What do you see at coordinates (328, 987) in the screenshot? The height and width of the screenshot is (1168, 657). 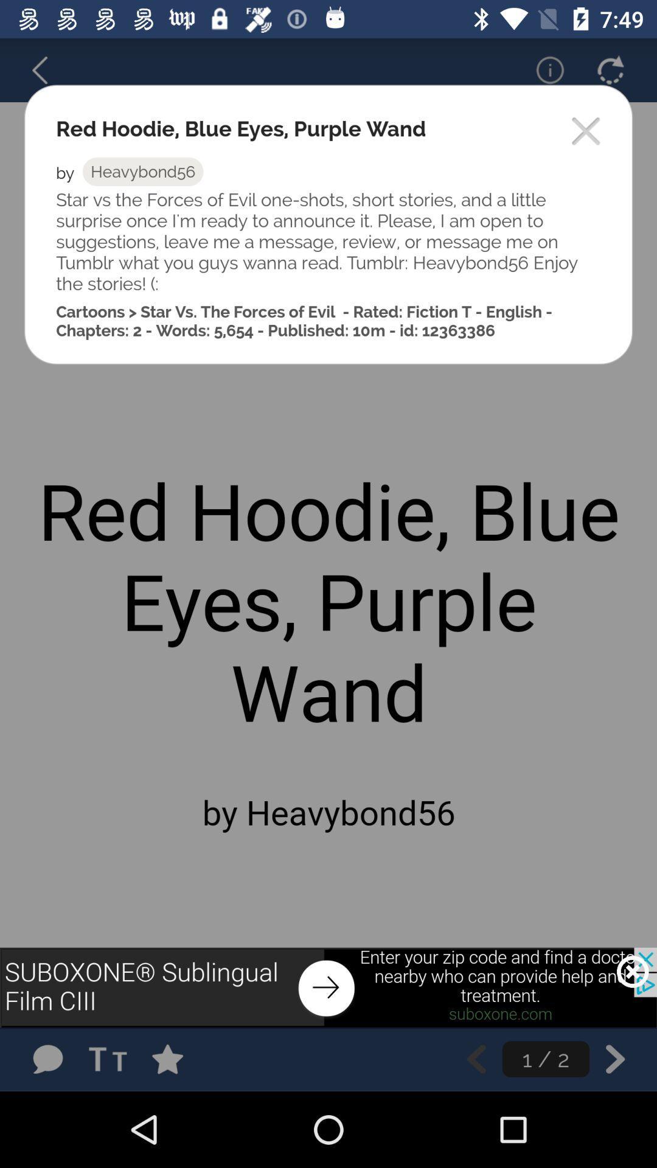 I see `click advertisement` at bounding box center [328, 987].